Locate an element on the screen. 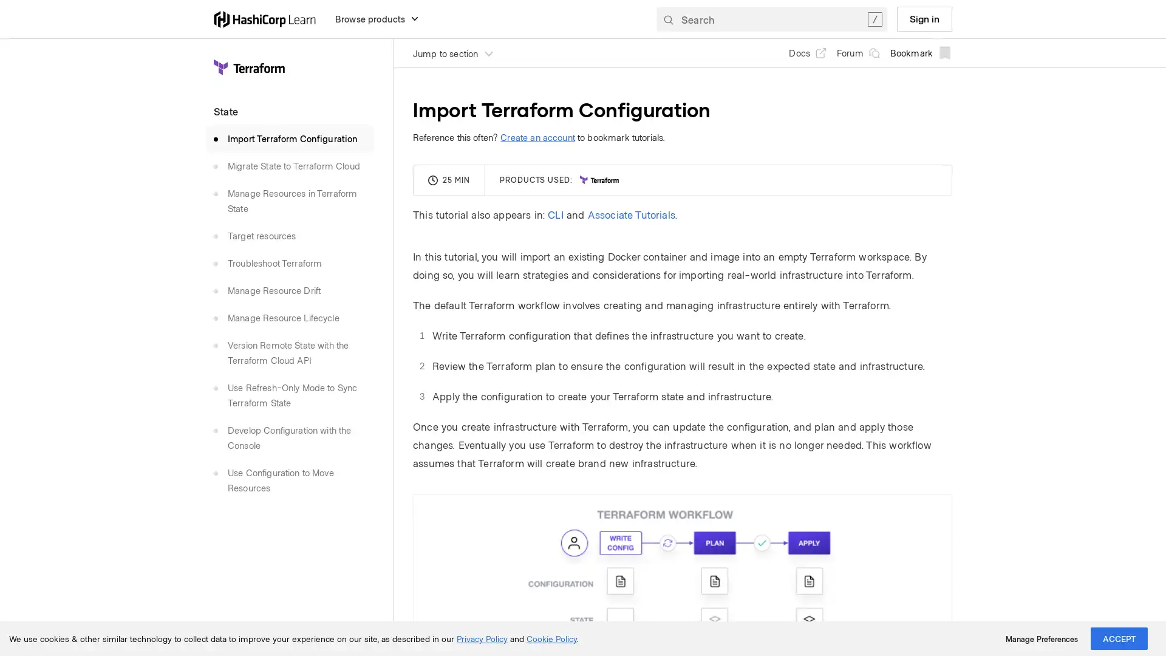  ACCEPT is located at coordinates (1119, 638).